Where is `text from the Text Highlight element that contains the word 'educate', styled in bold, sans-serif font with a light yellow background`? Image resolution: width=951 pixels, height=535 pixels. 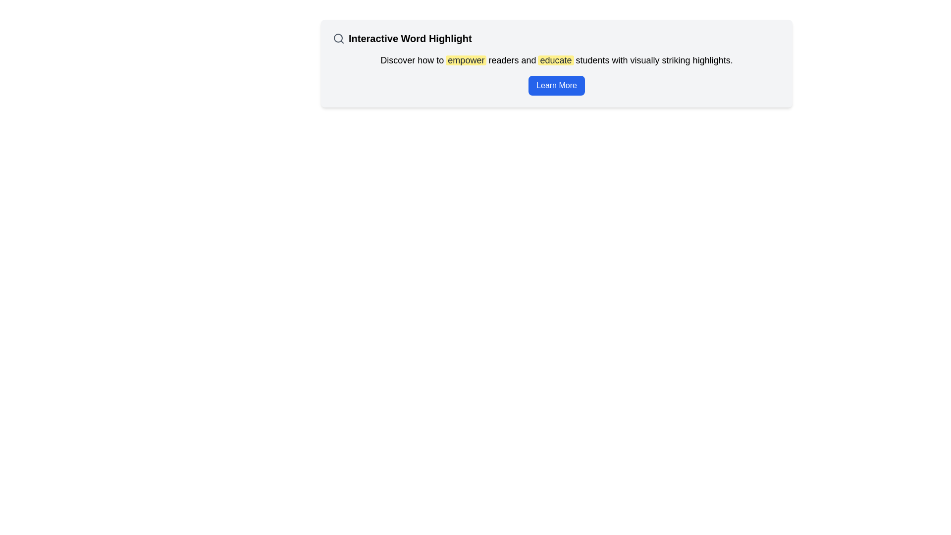 text from the Text Highlight element that contains the word 'educate', styled in bold, sans-serif font with a light yellow background is located at coordinates (556, 60).